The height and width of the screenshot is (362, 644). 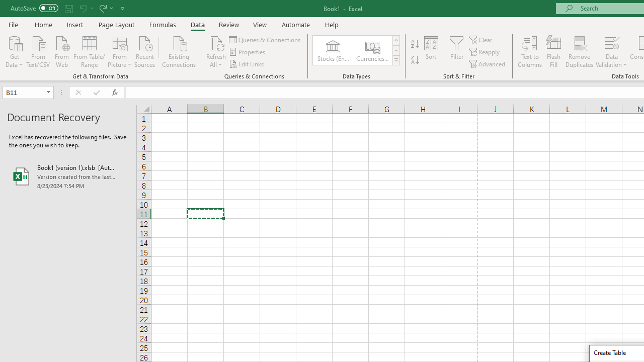 I want to click on 'Properties', so click(x=248, y=52).